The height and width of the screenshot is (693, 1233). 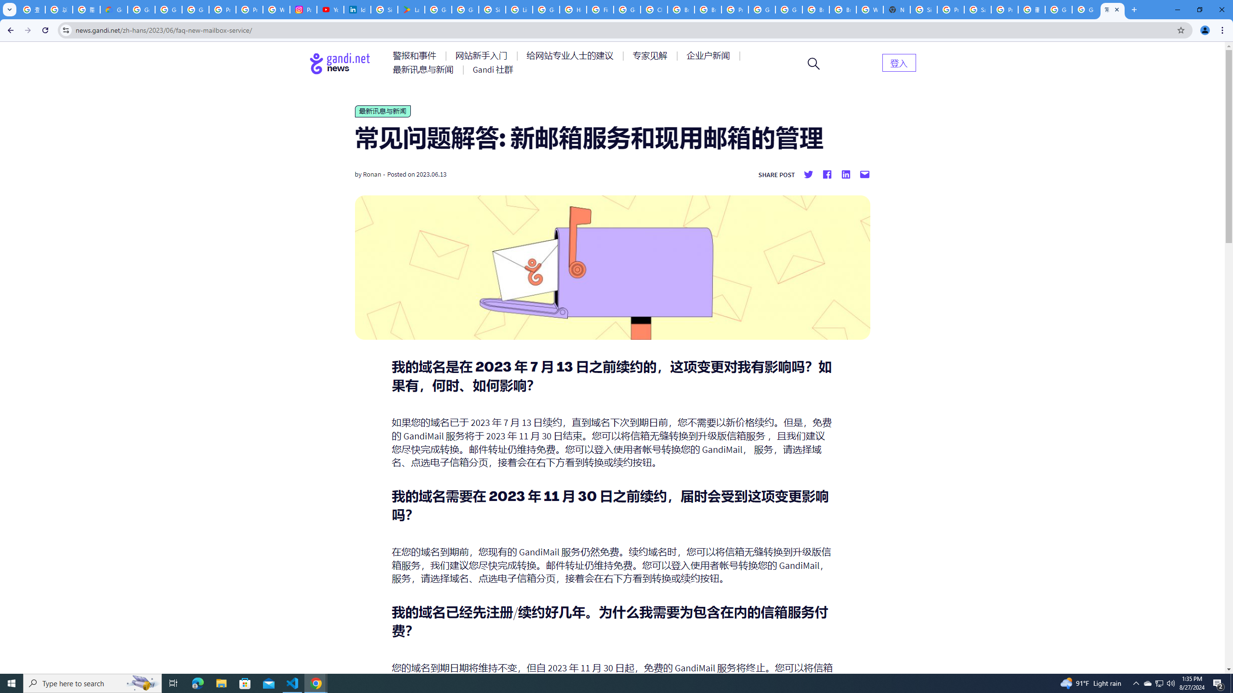 What do you see at coordinates (383, 9) in the screenshot?
I see `'Sign in - Google Accounts'` at bounding box center [383, 9].